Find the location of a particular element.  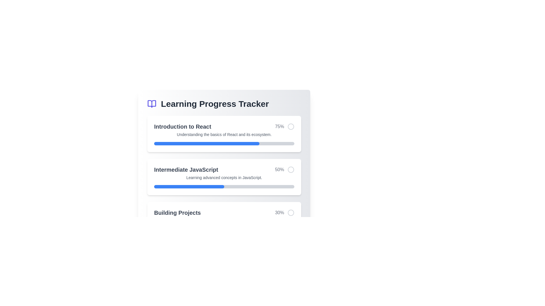

the Text Label displaying '75%' in gray font, positioned to the right of the progress bar for 'Introduction to React' in the 'Learning Progress Tracker.' is located at coordinates (279, 126).